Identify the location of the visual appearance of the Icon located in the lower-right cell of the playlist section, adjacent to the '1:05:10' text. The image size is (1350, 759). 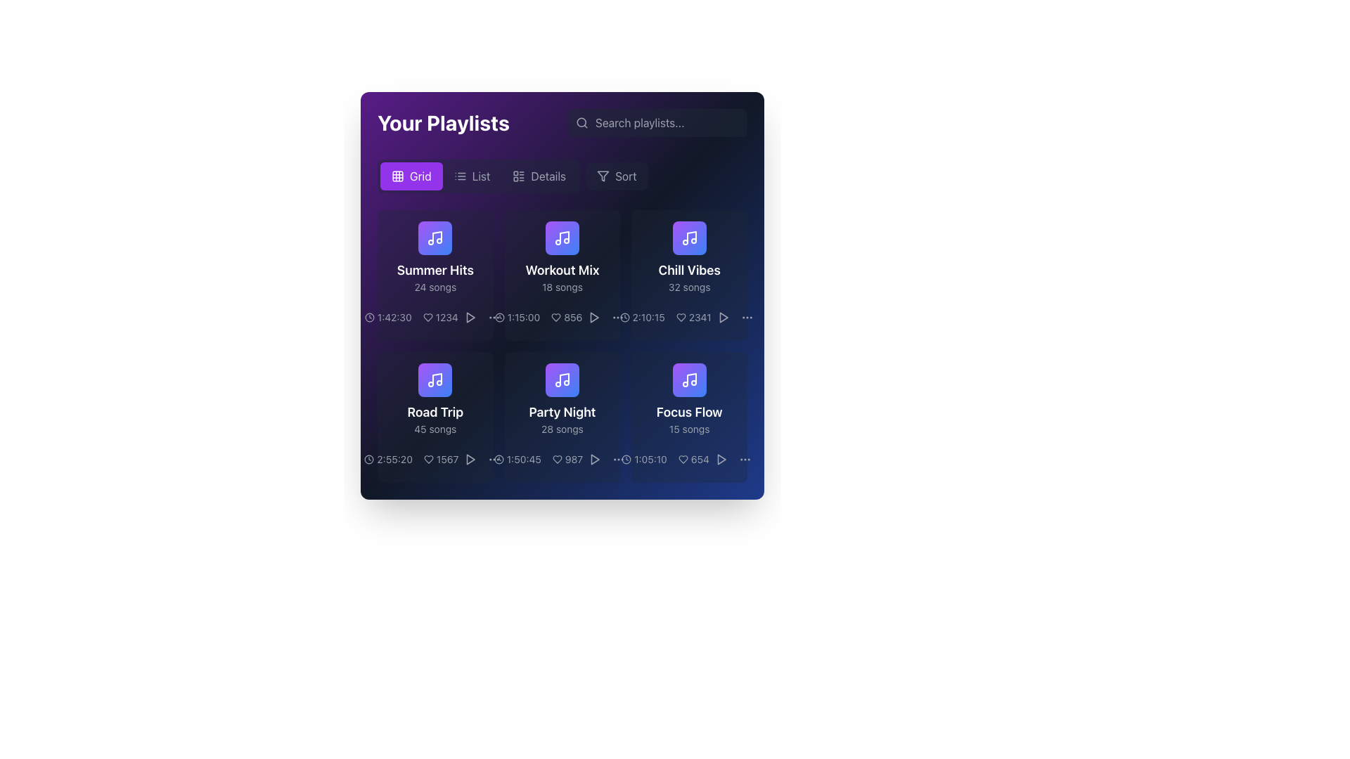
(626, 460).